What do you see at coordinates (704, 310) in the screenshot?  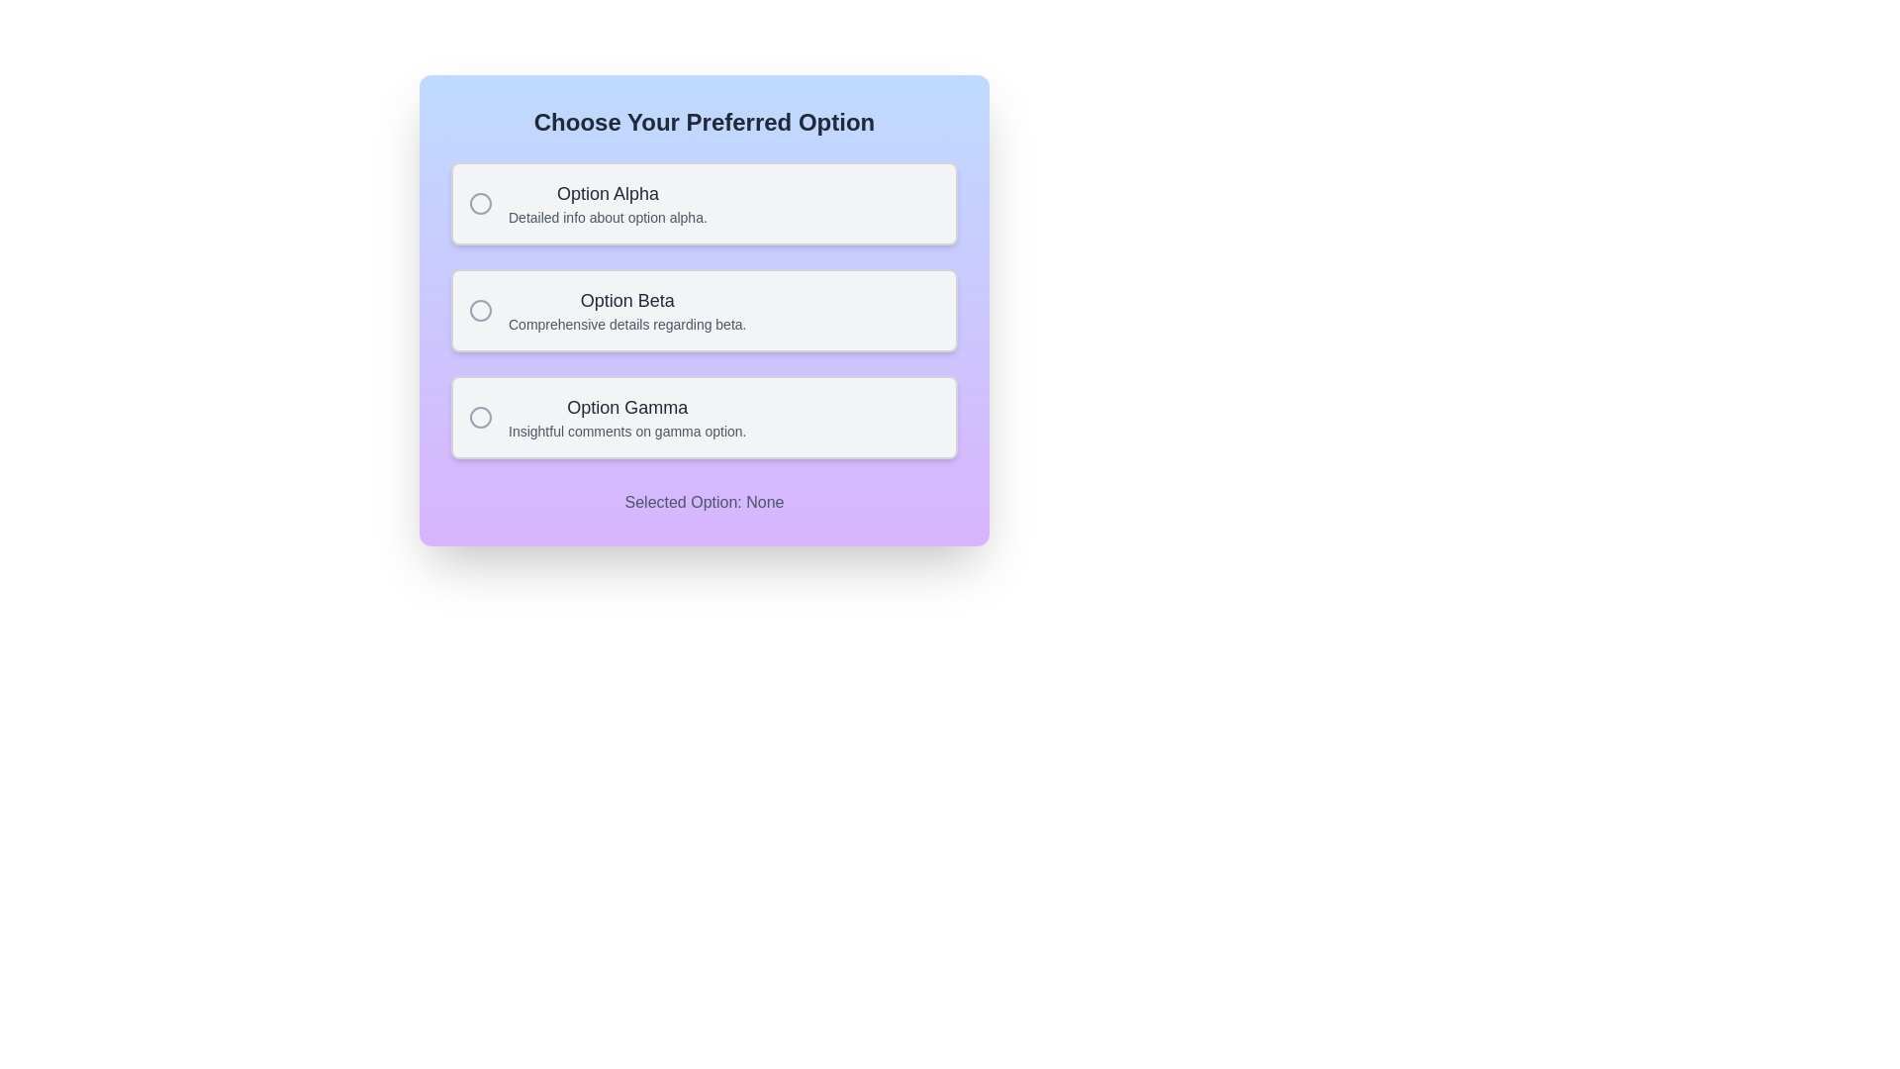 I see `the 'Option Beta' selector option item, which is the second block in a vertical stack between 'Option Alpha' and 'Option Gamma'` at bounding box center [704, 310].